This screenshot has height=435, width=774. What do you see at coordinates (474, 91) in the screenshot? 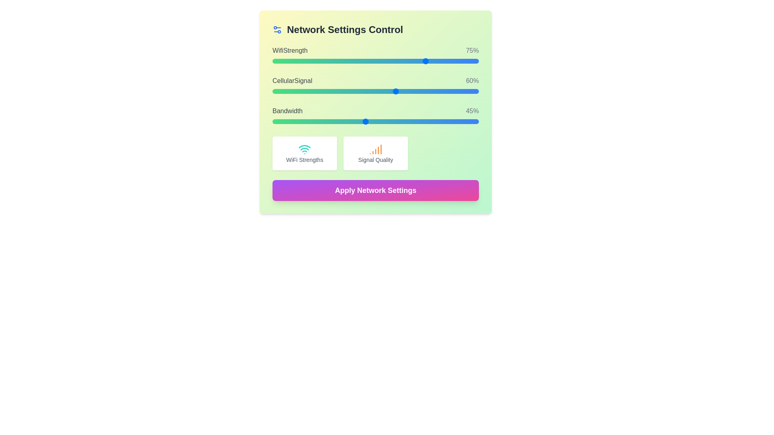
I see `the Cellular Signal slider` at bounding box center [474, 91].